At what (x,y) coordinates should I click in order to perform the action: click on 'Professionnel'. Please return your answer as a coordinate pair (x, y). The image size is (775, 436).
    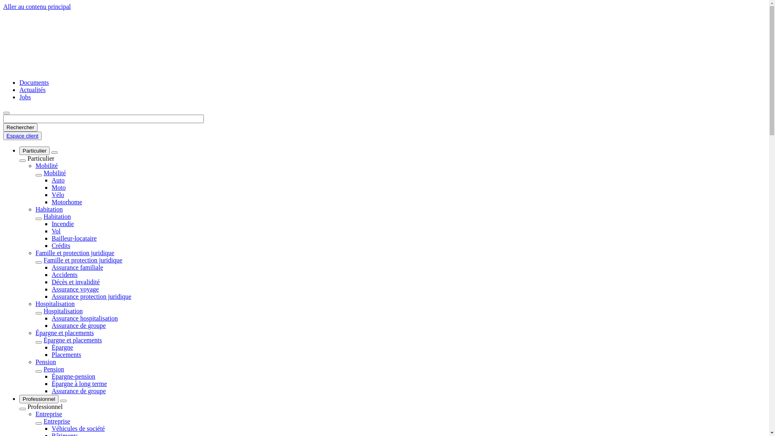
    Looking at the image, I should click on (38, 398).